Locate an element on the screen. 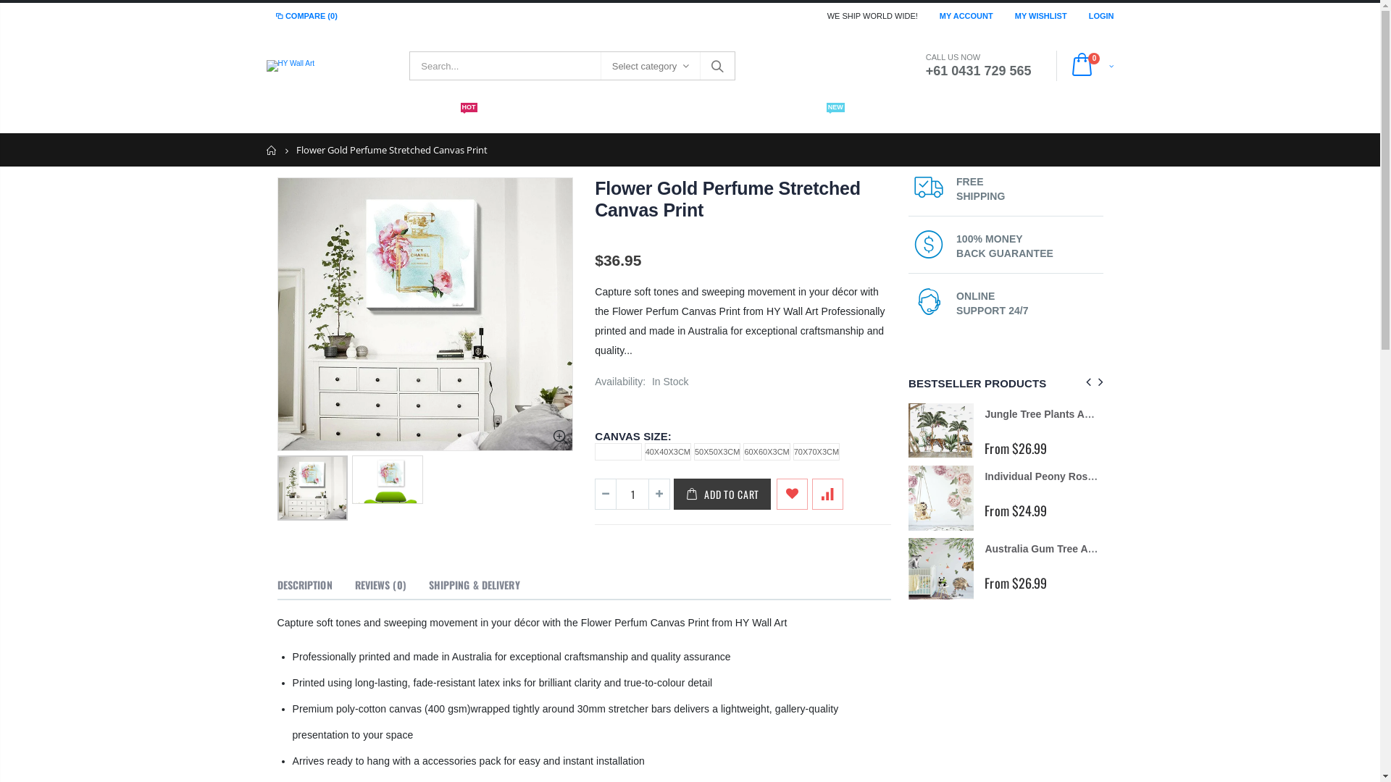 The width and height of the screenshot is (1391, 782). 'Select category' is located at coordinates (650, 66).